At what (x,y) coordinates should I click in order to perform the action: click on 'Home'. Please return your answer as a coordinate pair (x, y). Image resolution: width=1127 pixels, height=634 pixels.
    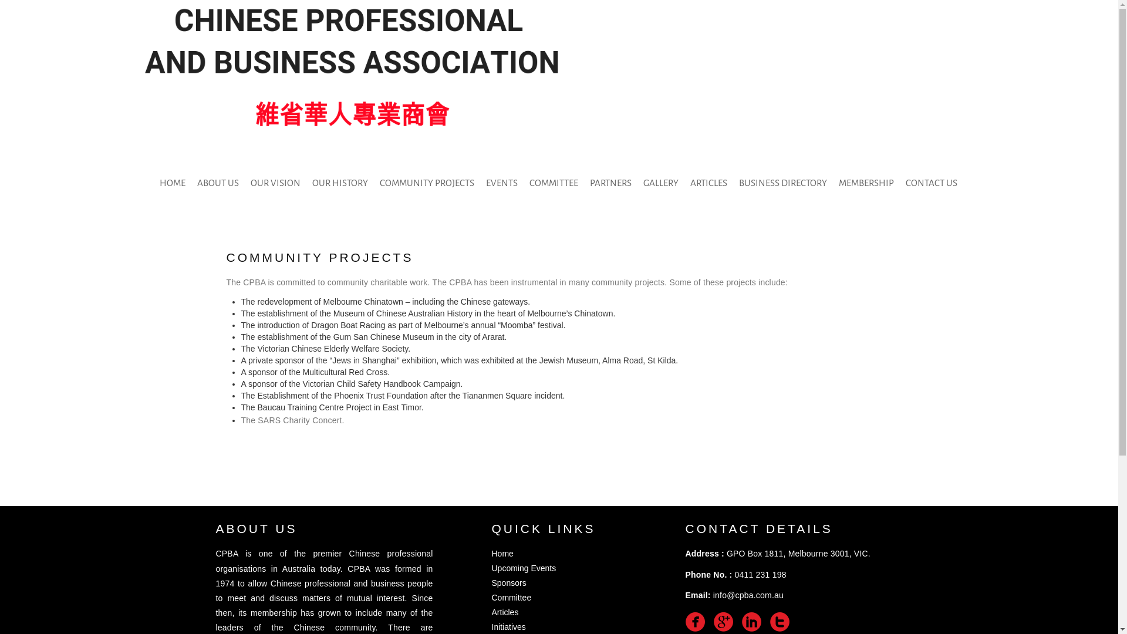
    Looking at the image, I should click on (502, 553).